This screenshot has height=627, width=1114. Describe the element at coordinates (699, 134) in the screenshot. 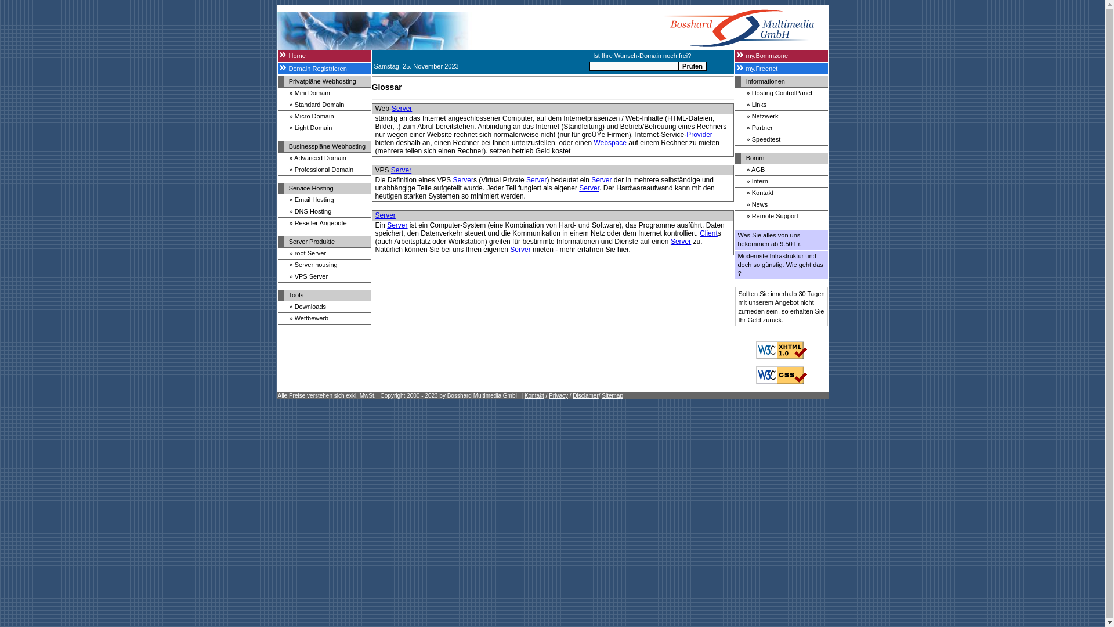

I see `'Provider'` at that location.